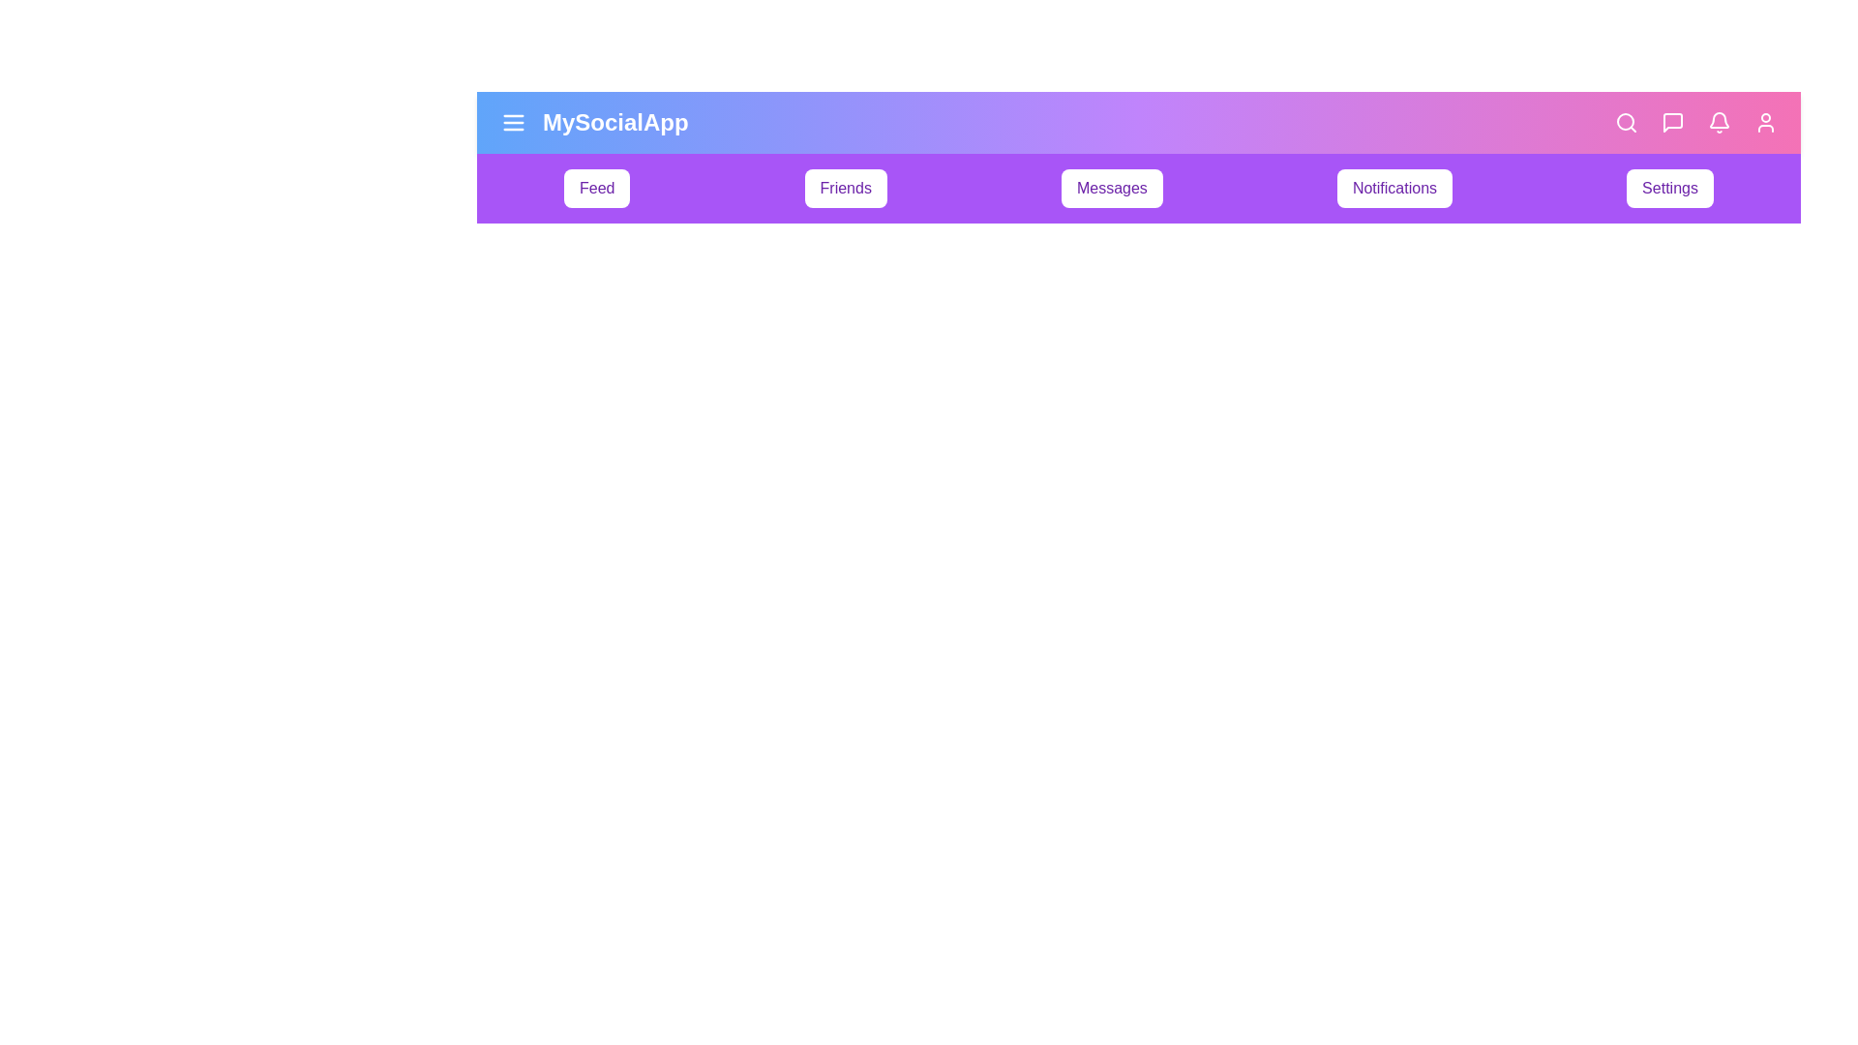 This screenshot has height=1045, width=1858. What do you see at coordinates (1669, 189) in the screenshot?
I see `the menu item Settings to observe its hover effect` at bounding box center [1669, 189].